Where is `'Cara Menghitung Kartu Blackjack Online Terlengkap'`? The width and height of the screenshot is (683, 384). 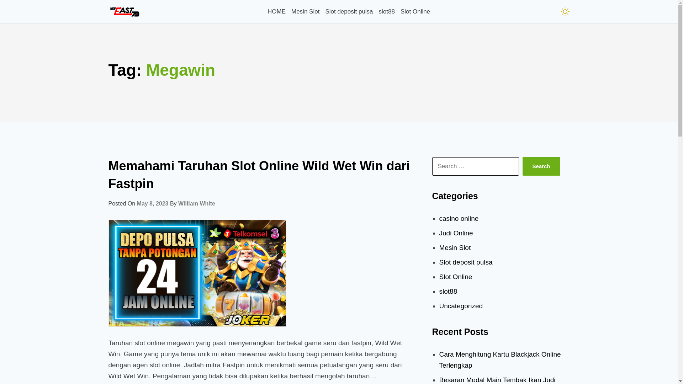 'Cara Menghitung Kartu Blackjack Online Terlengkap' is located at coordinates (499, 359).